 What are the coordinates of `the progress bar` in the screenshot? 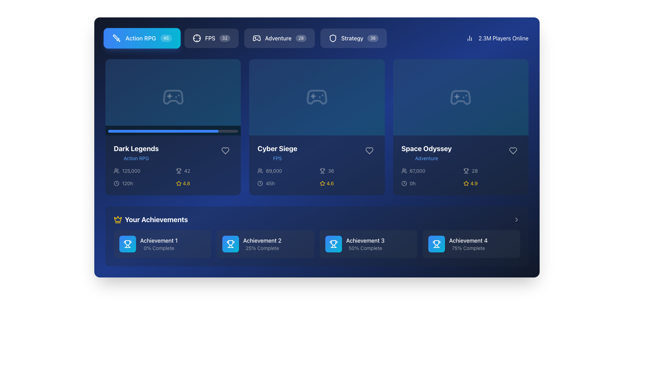 It's located at (124, 131).